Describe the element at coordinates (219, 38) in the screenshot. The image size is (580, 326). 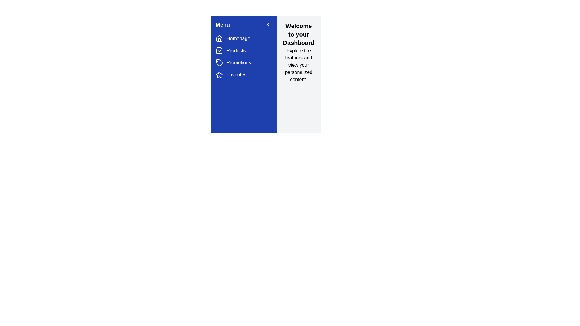
I see `the navigation menu item corresponding to Homepage` at that location.